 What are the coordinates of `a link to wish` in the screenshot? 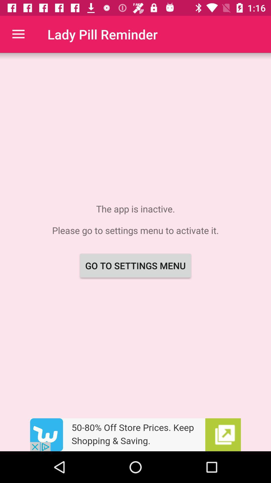 It's located at (135, 434).